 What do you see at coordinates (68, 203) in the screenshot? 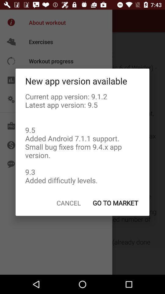
I see `cancel` at bounding box center [68, 203].